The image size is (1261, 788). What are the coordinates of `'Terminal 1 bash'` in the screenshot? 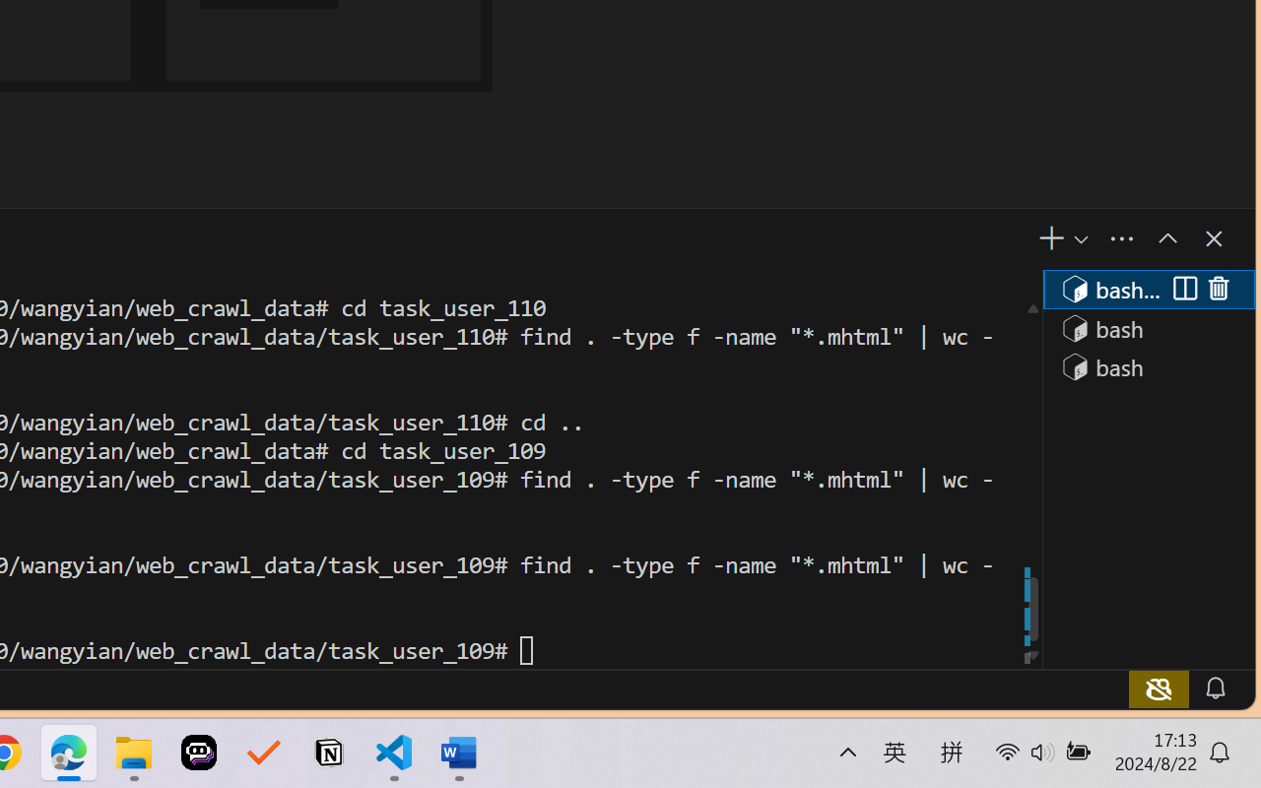 It's located at (1148, 289).